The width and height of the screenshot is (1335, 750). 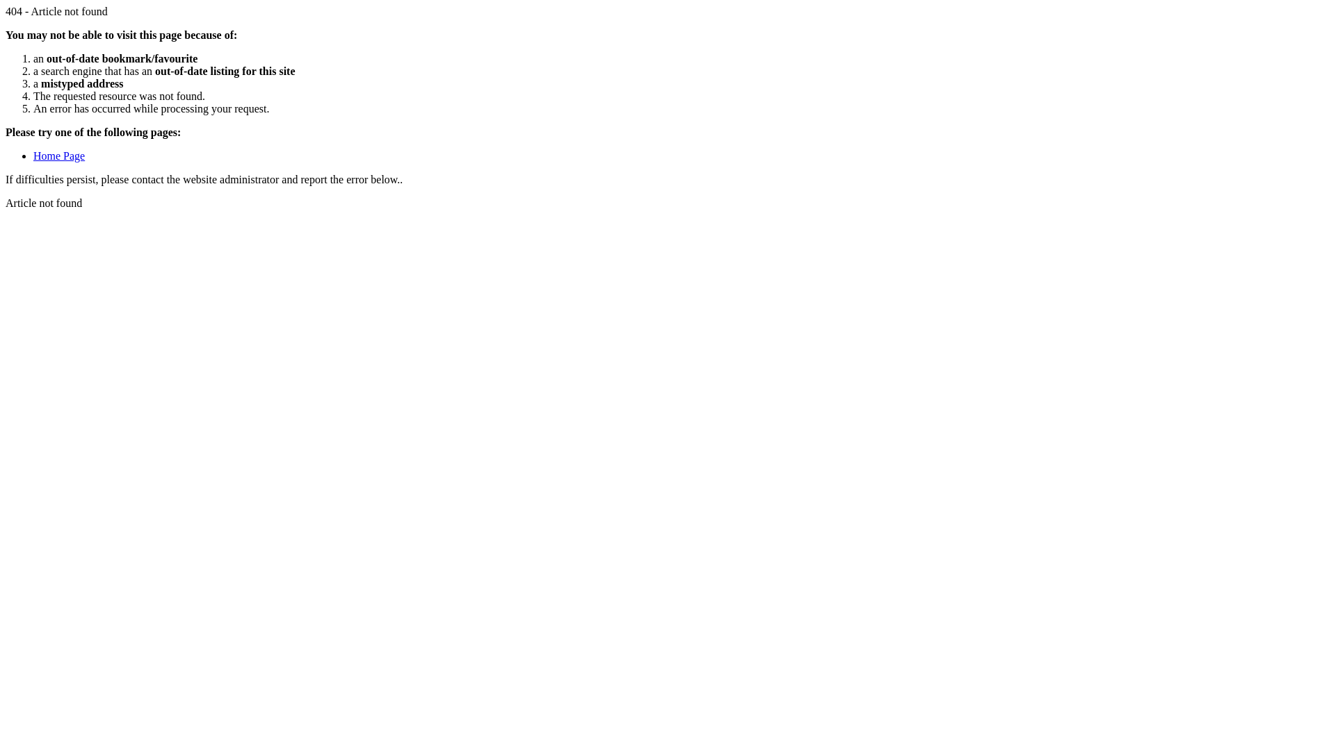 I want to click on 'Home Page', so click(x=58, y=156).